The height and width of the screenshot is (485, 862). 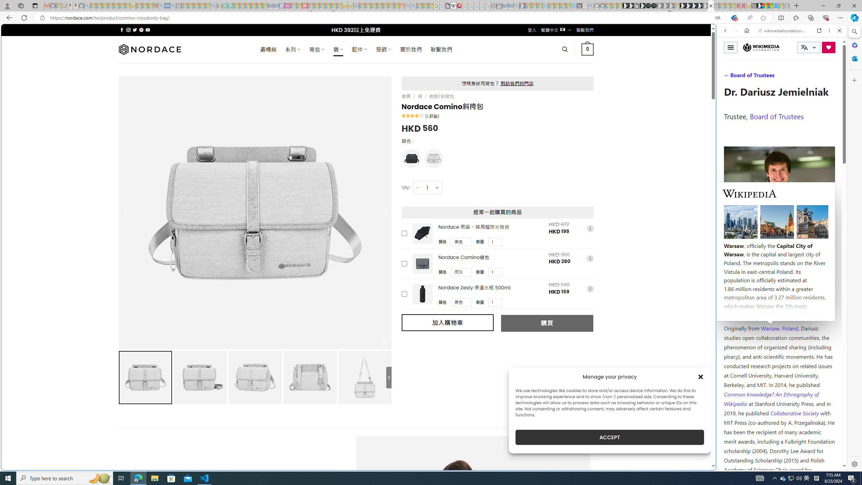 What do you see at coordinates (790, 328) in the screenshot?
I see `'Poland'` at bounding box center [790, 328].